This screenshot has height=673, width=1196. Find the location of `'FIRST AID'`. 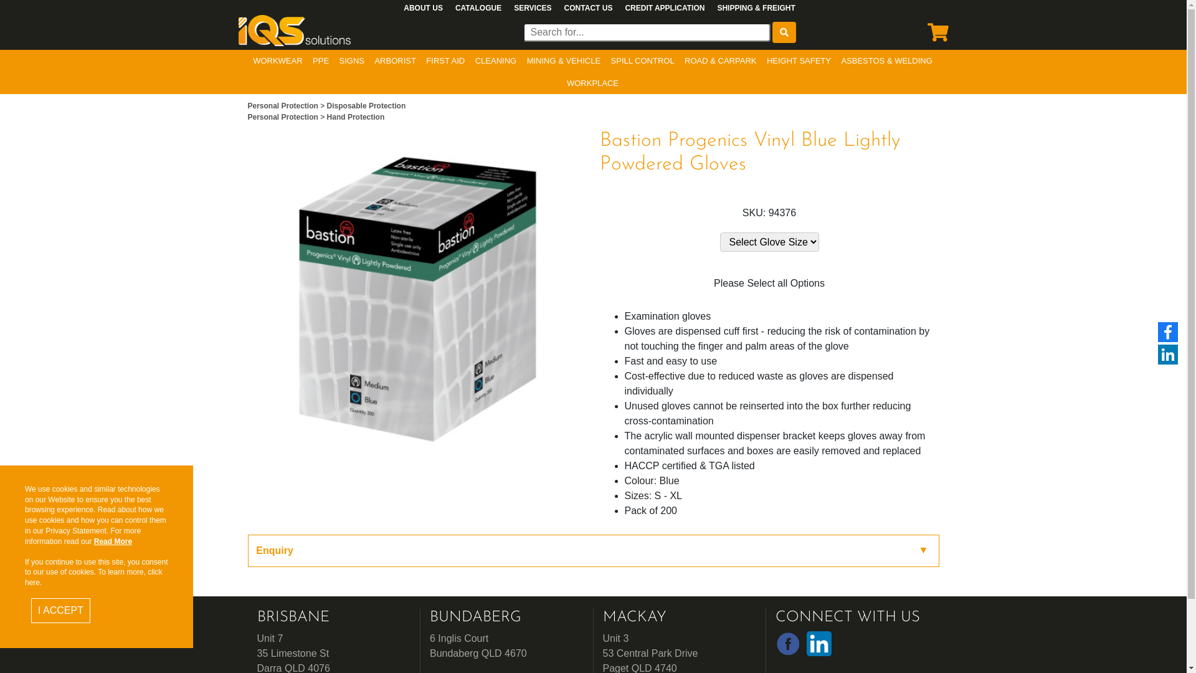

'FIRST AID' is located at coordinates (445, 60).